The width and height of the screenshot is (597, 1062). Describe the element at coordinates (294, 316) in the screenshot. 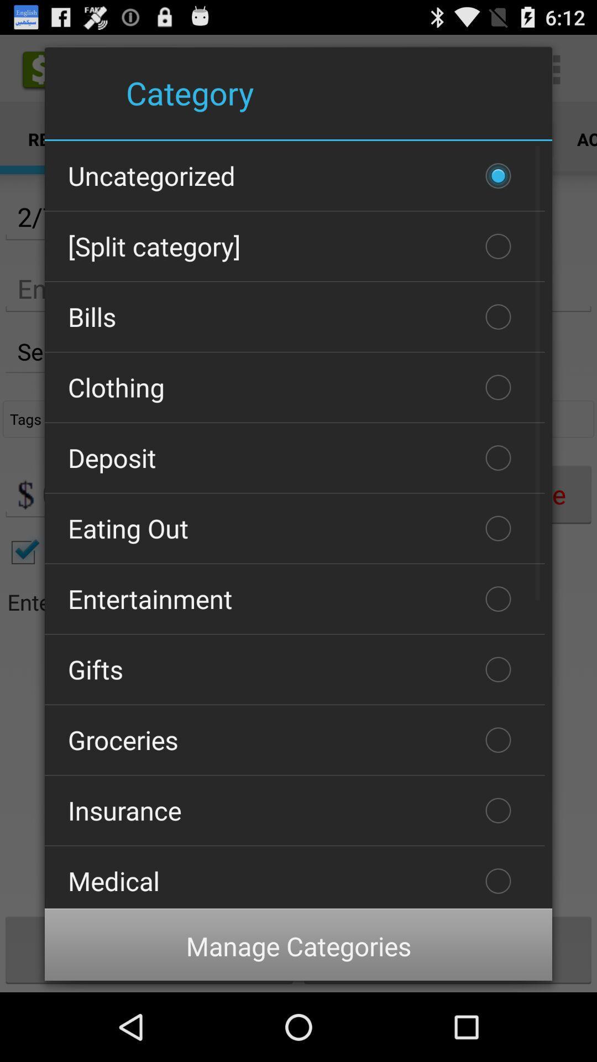

I see `the bills item` at that location.